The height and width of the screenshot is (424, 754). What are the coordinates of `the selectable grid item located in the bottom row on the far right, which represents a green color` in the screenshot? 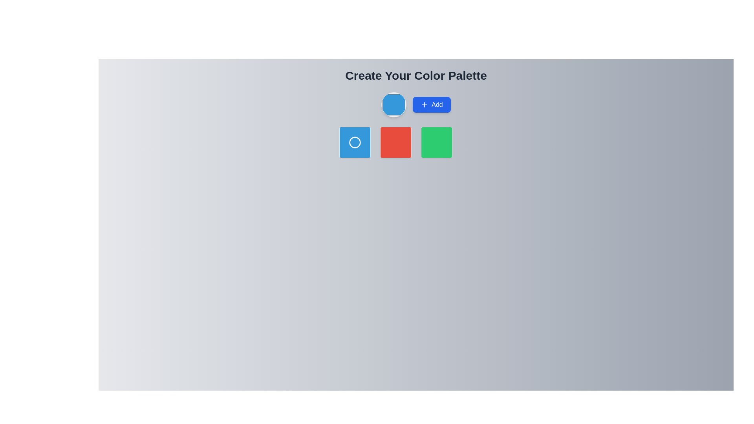 It's located at (436, 142).